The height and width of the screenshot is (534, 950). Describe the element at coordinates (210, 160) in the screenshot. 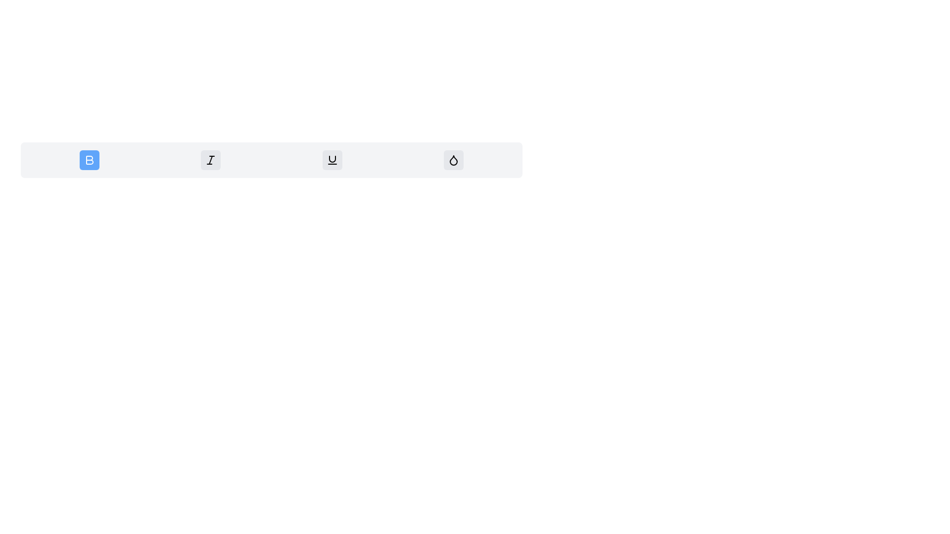

I see `the Icon Detail element represented by an oblique line within the 'Italic' button icon in the toolbar` at that location.